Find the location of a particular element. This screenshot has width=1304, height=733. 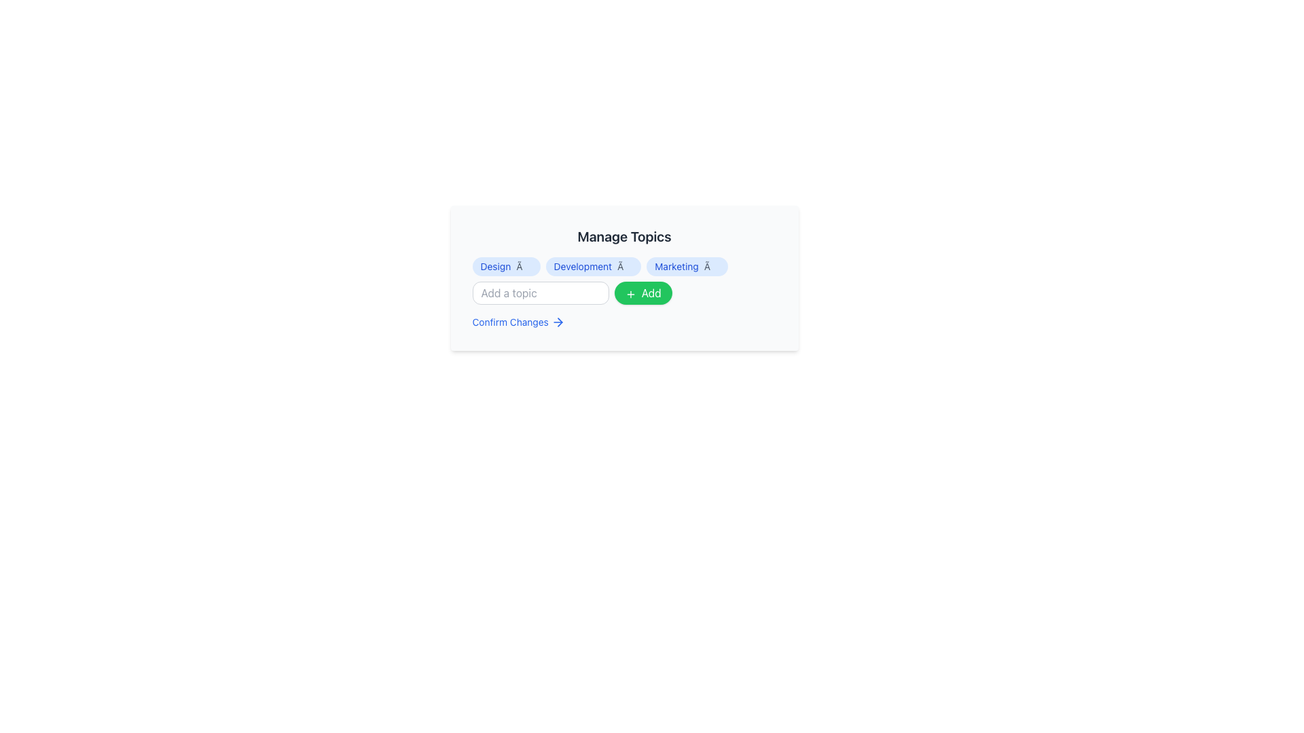

the '+' icon, which is a small SVG graphic styled with two intersecting lines, located within the green 'Add' button is located at coordinates (630, 293).